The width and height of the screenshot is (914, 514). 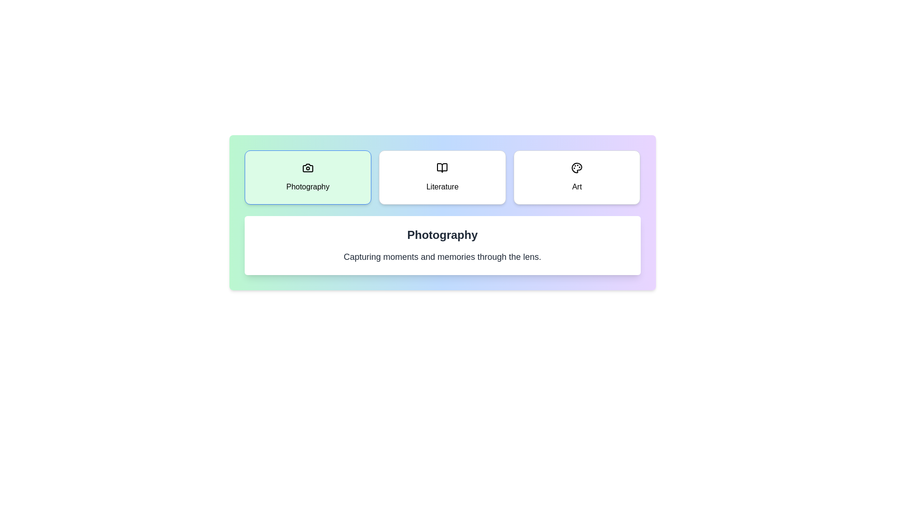 What do you see at coordinates (576, 168) in the screenshot?
I see `the SVG icon depicting a palette located in the top right section of the interface, contained inside the third card labeled 'Art'` at bounding box center [576, 168].